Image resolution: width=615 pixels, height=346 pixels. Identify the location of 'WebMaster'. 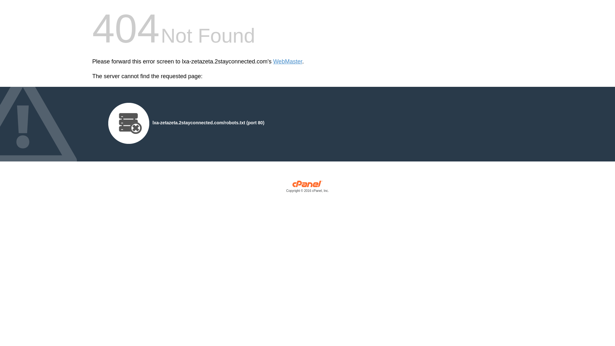
(287, 62).